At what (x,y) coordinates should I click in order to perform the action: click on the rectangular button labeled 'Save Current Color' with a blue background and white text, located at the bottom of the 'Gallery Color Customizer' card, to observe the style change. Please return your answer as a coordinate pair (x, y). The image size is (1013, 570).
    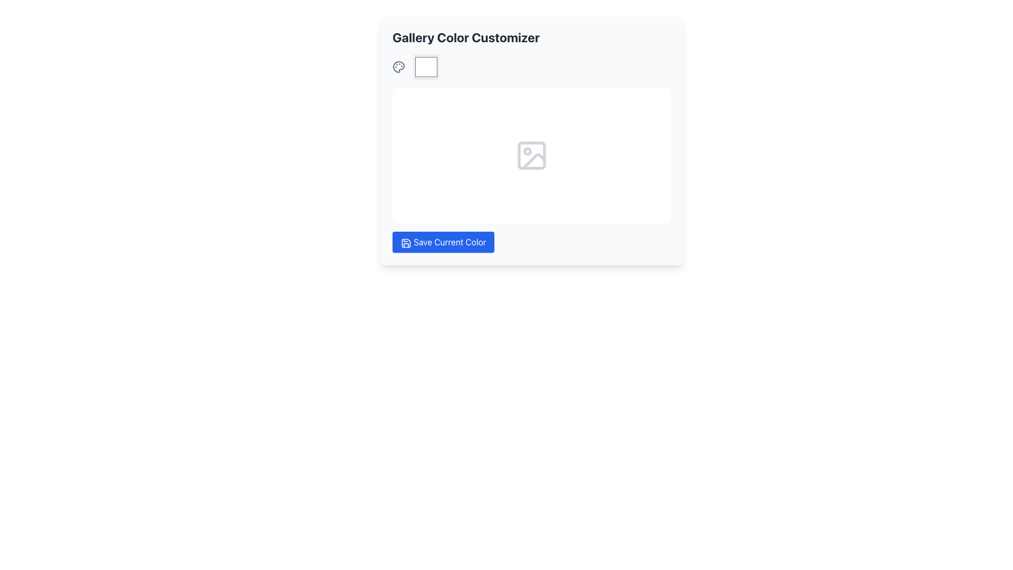
    Looking at the image, I should click on (443, 242).